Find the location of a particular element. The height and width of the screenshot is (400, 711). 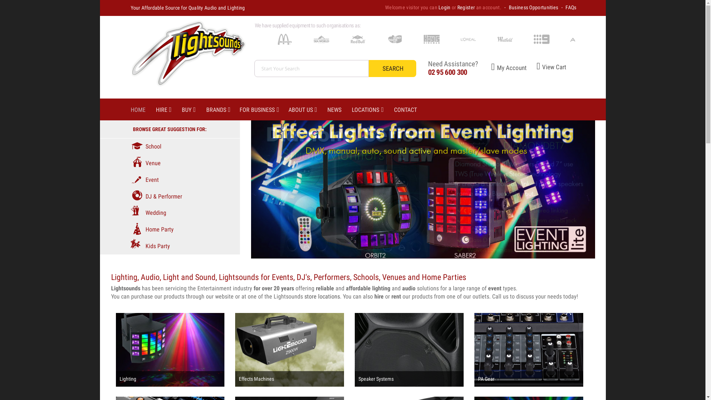

'Business Opportunities' is located at coordinates (533, 7).